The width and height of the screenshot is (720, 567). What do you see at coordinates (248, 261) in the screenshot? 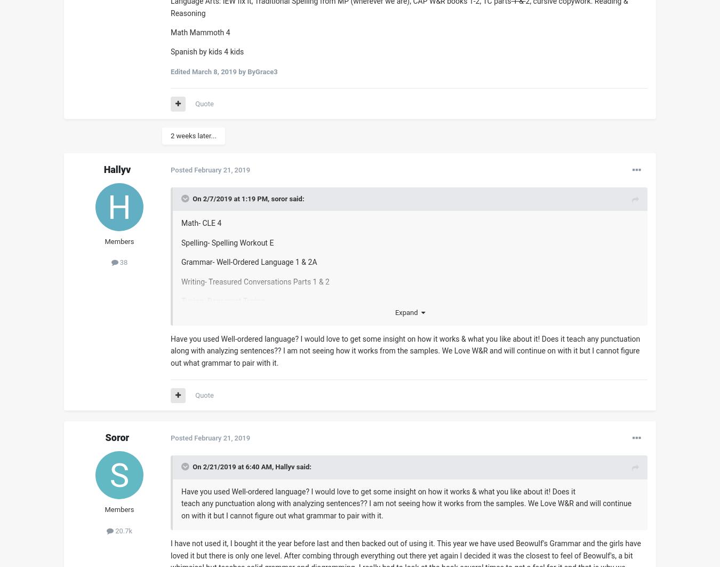
I see `'Grammar- Well-Ordered Language 1 & 2A'` at bounding box center [248, 261].